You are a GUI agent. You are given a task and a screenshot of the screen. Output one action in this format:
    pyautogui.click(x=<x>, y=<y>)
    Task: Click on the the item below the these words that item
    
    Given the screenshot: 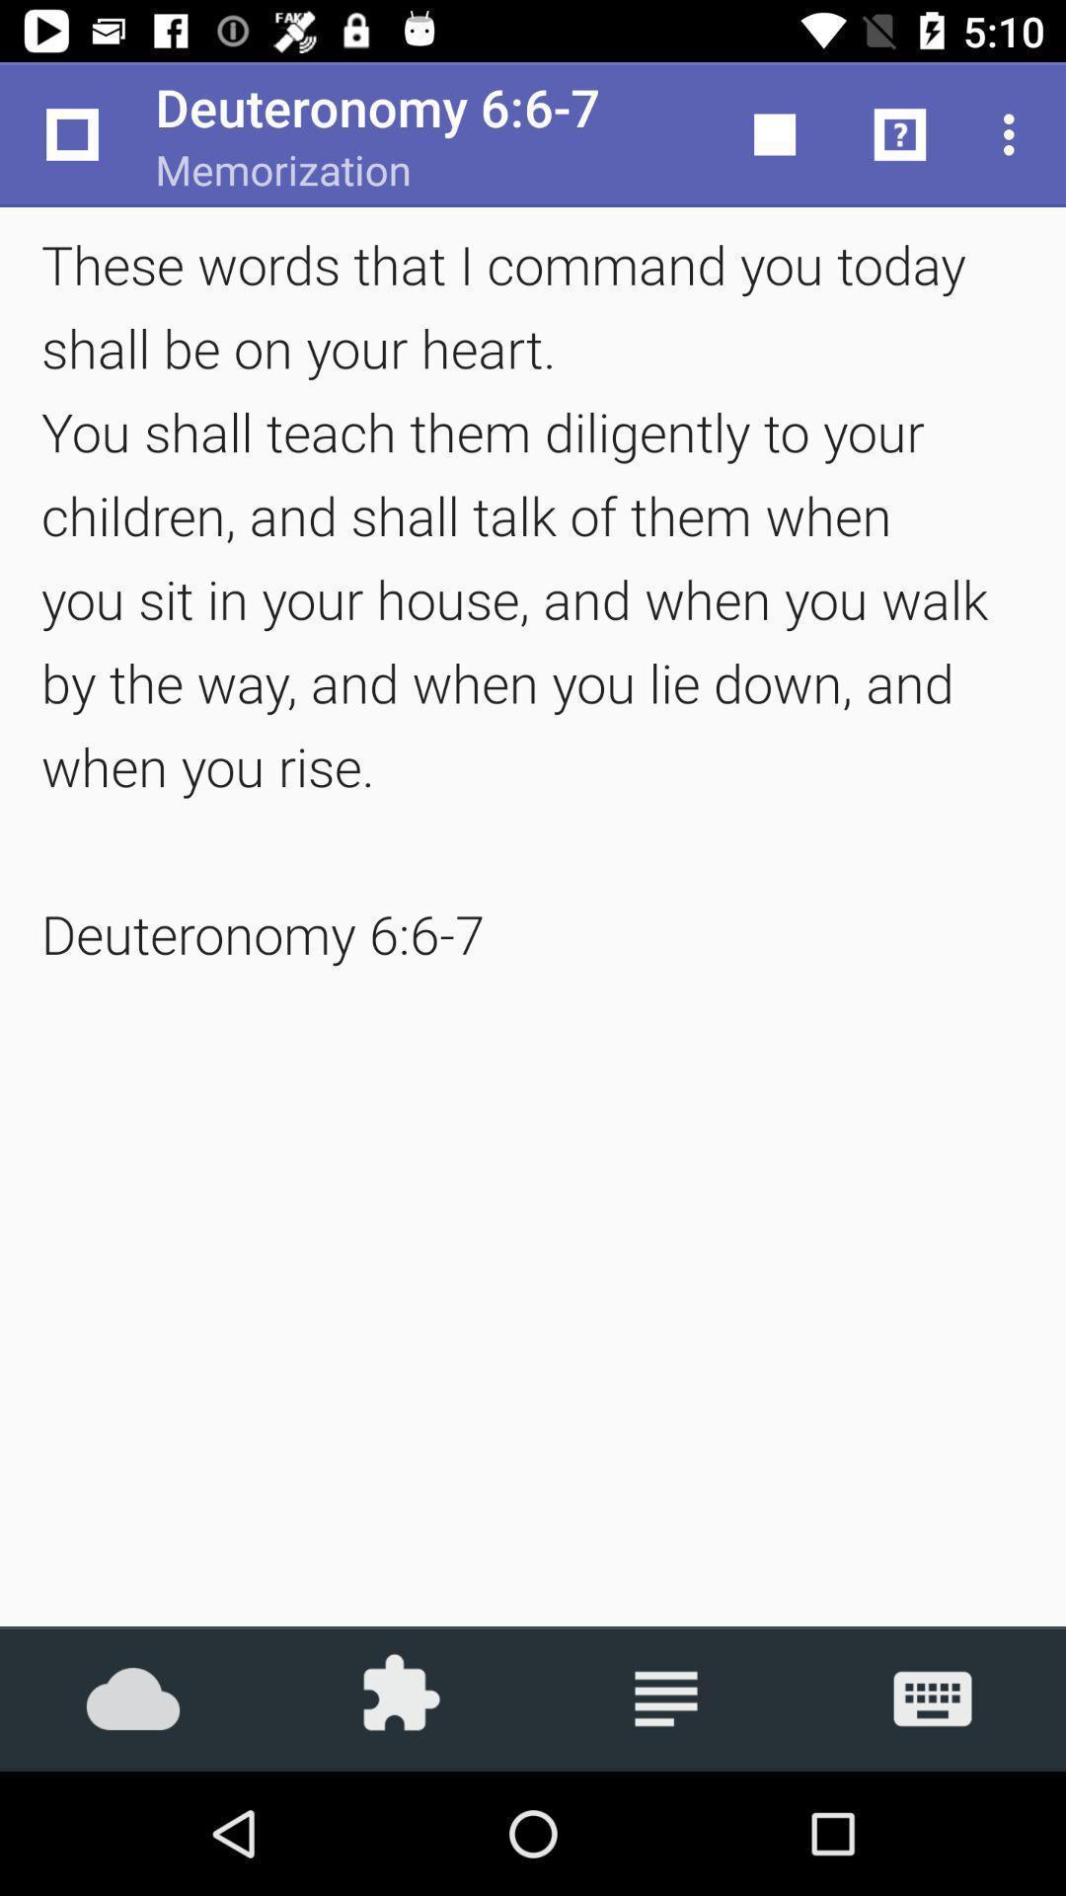 What is the action you would take?
    pyautogui.click(x=666, y=1698)
    